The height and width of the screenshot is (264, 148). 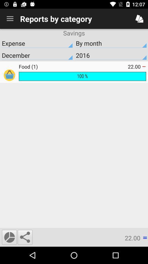 I want to click on show as a pie chart, so click(x=9, y=237).